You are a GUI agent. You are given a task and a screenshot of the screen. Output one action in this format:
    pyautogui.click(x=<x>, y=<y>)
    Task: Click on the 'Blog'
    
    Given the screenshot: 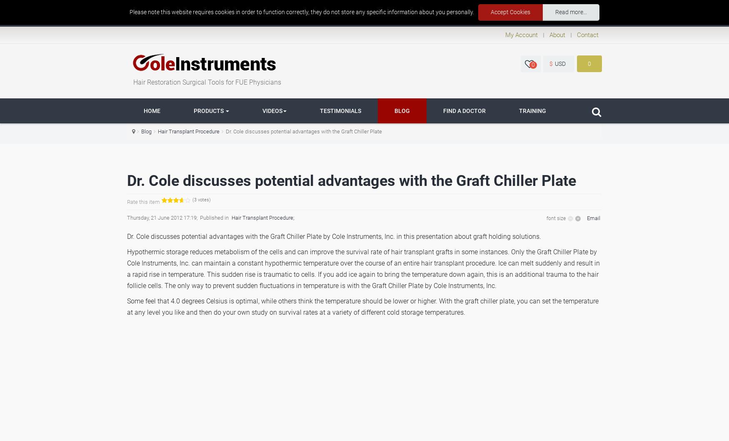 What is the action you would take?
    pyautogui.click(x=146, y=131)
    